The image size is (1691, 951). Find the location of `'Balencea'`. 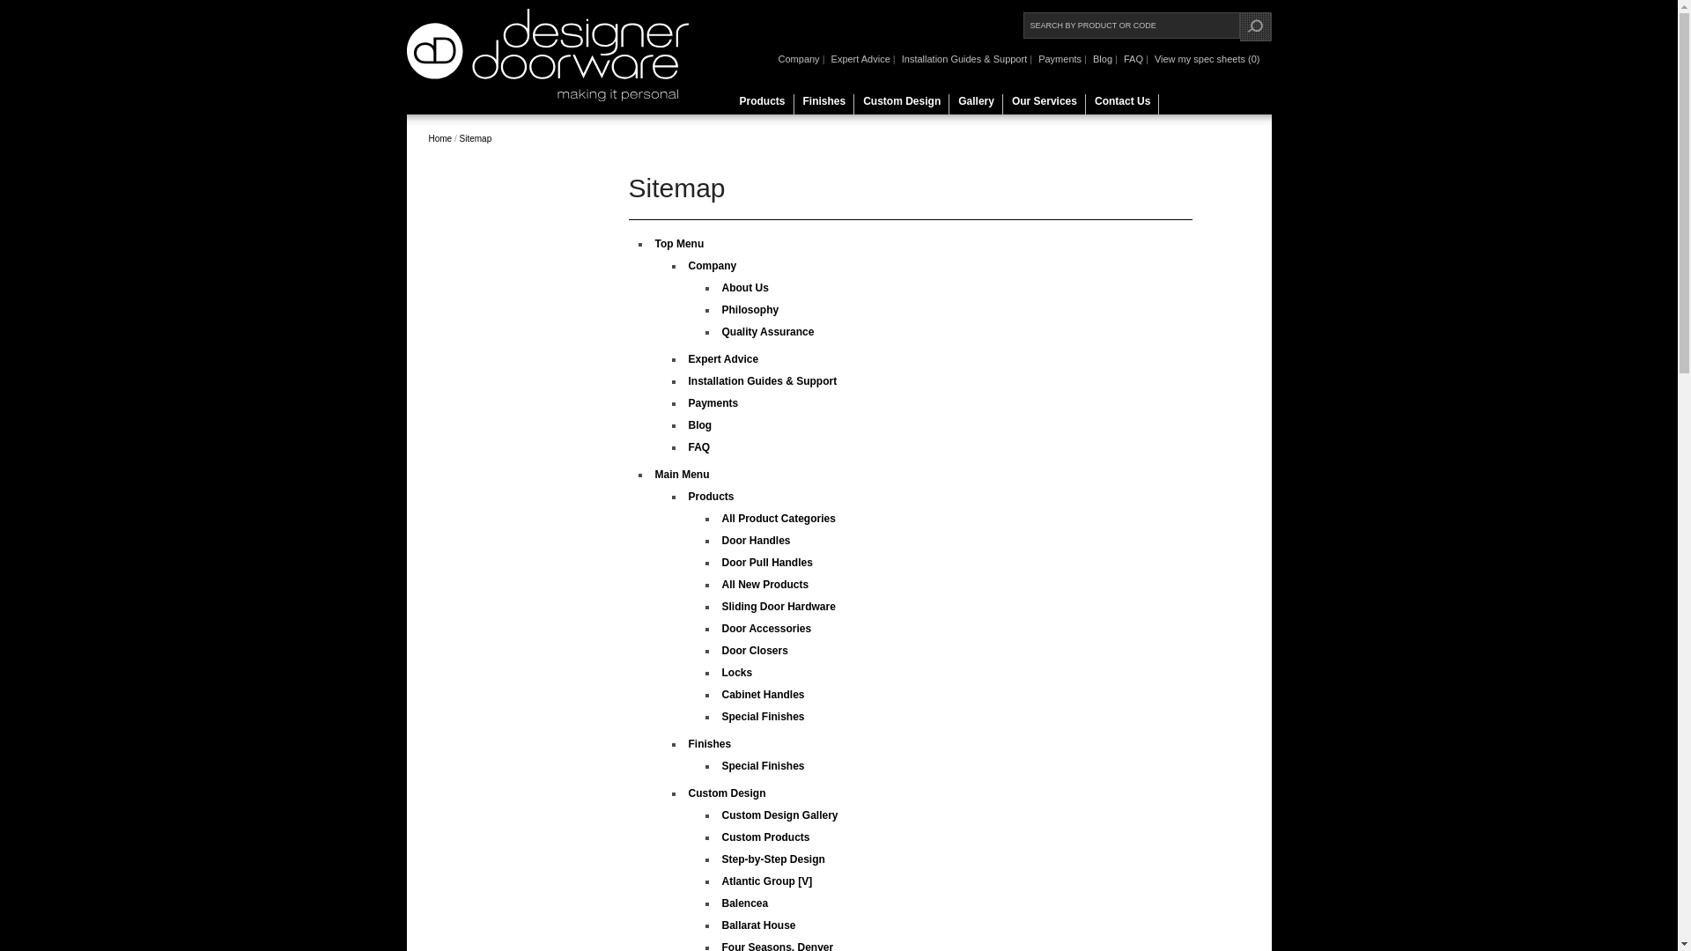

'Balencea' is located at coordinates (745, 903).